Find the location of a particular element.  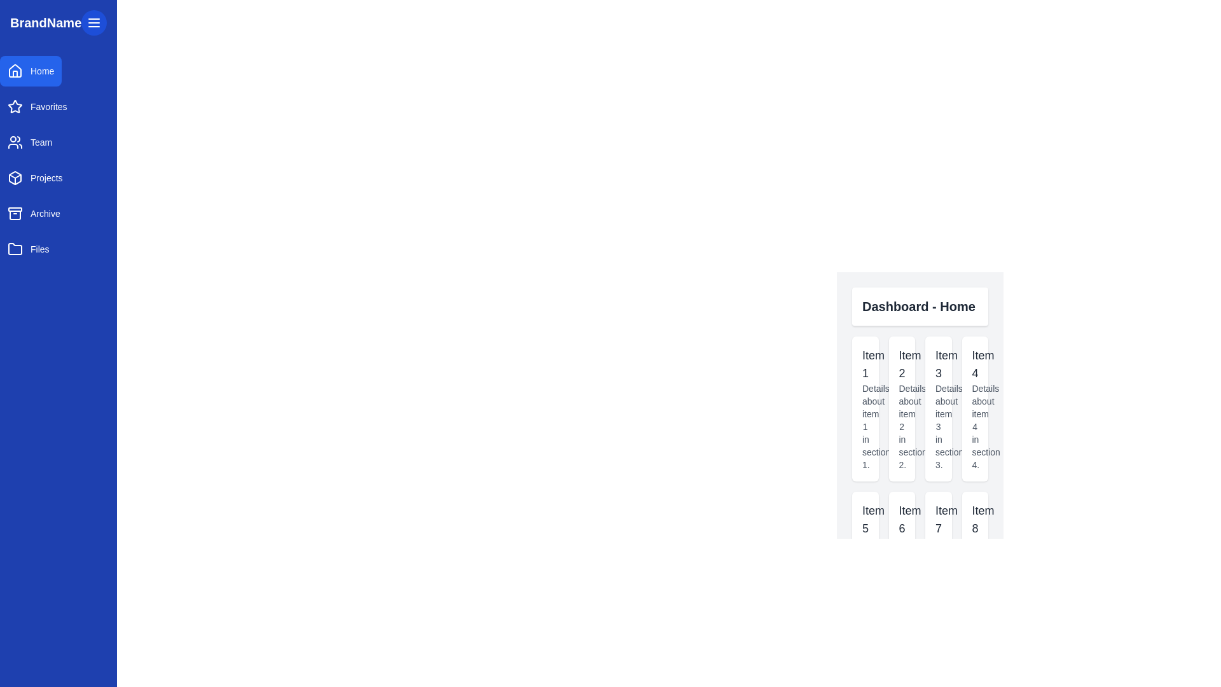

the header text label located is located at coordinates (974, 520).